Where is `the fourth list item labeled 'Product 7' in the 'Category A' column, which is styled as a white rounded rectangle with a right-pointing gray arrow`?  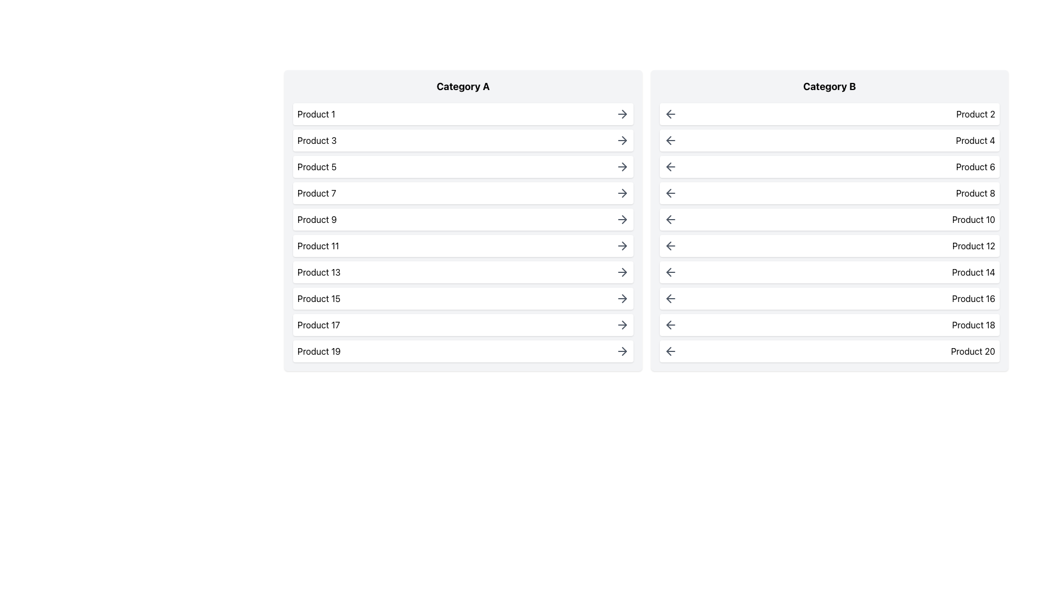 the fourth list item labeled 'Product 7' in the 'Category A' column, which is styled as a white rounded rectangle with a right-pointing gray arrow is located at coordinates (463, 192).